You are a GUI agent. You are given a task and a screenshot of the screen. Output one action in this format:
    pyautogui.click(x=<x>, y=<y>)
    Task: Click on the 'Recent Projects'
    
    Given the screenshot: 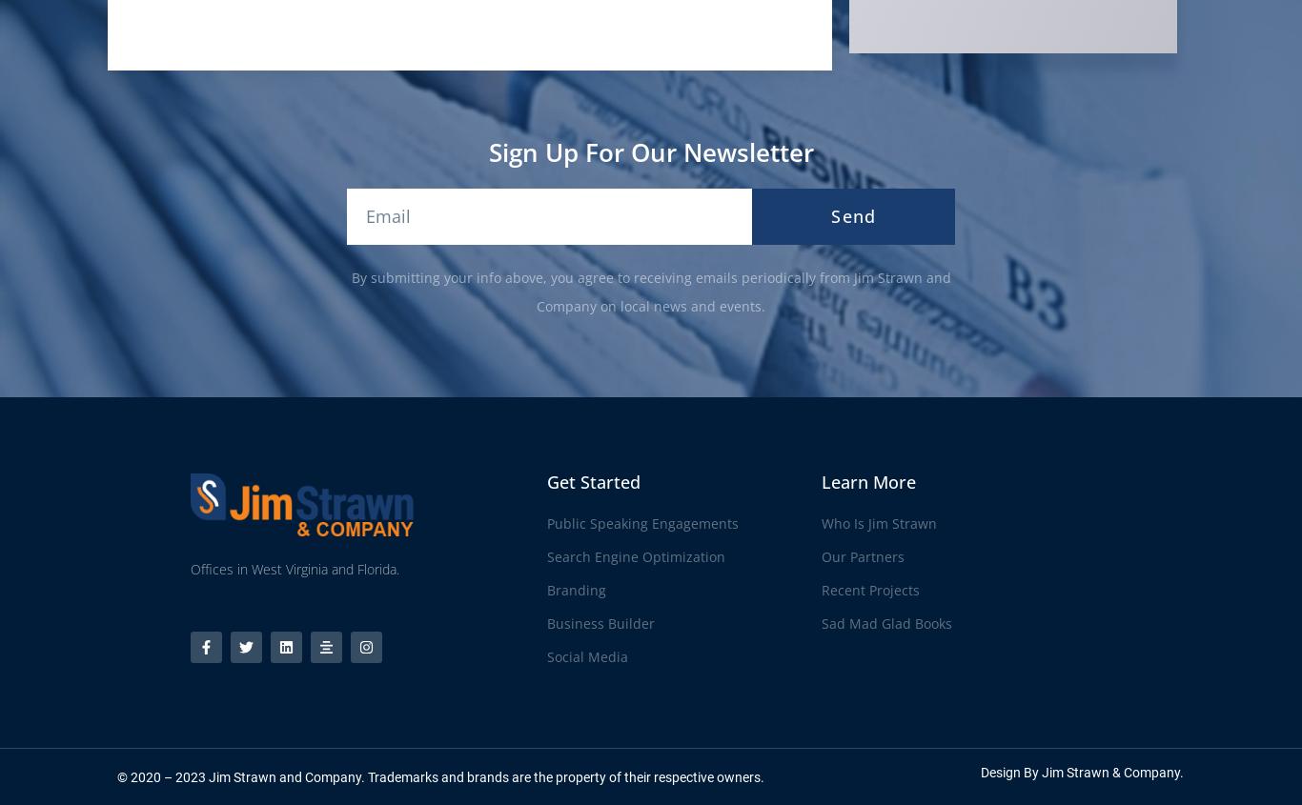 What is the action you would take?
    pyautogui.click(x=870, y=590)
    